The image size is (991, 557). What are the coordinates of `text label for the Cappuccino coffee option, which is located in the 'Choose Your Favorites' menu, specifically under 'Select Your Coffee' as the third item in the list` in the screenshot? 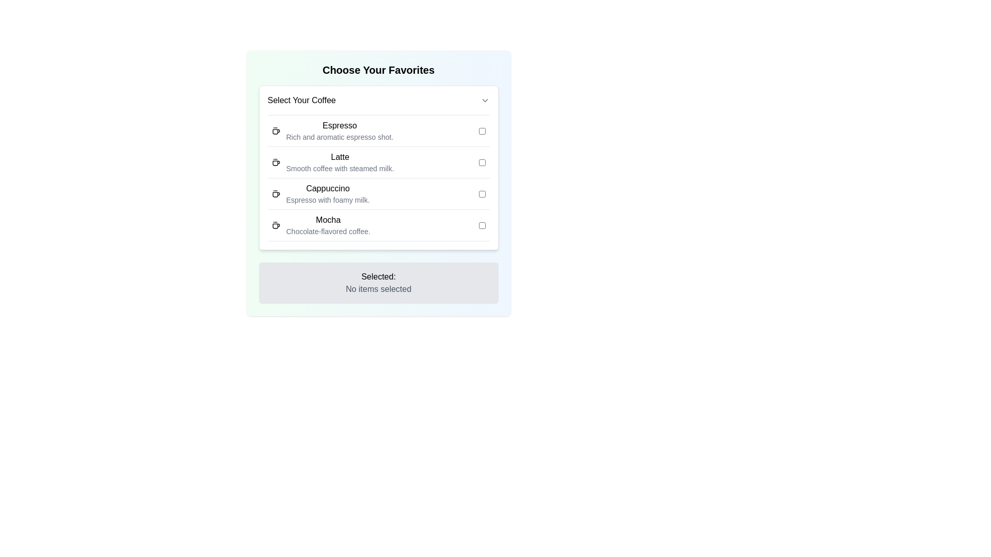 It's located at (327, 189).